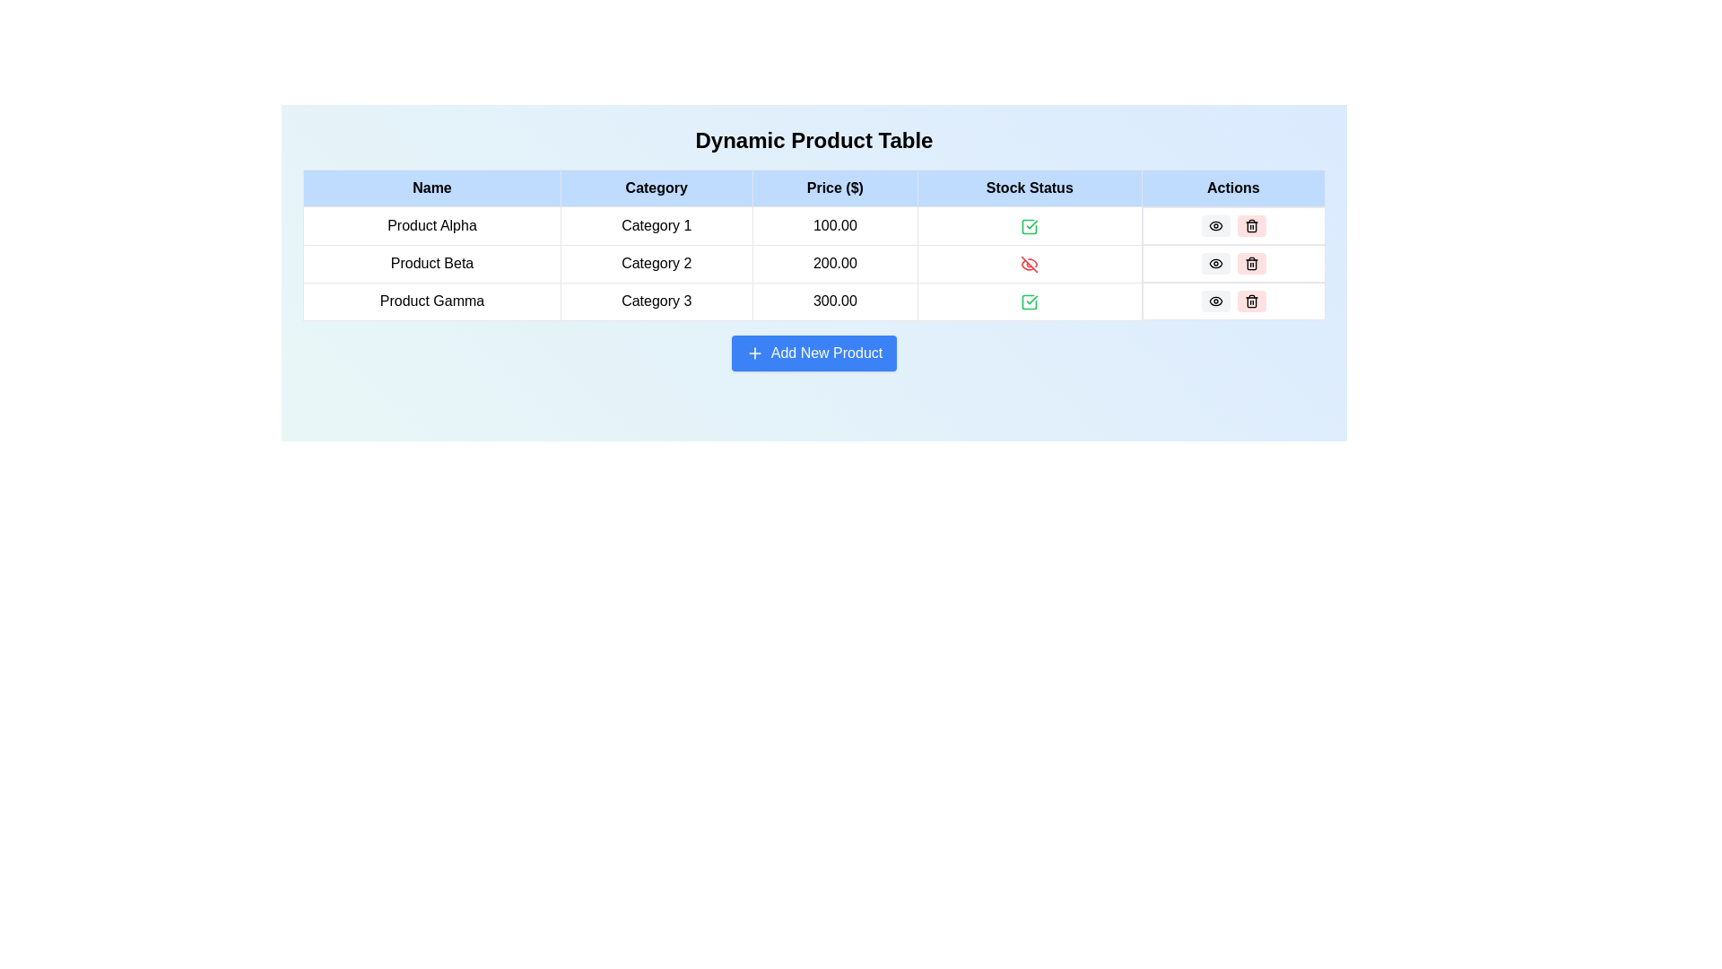  What do you see at coordinates (813, 224) in the screenshot?
I see `the text entry element displaying the price '$100.00' in the first row of the table under the 'Price ($)' column` at bounding box center [813, 224].